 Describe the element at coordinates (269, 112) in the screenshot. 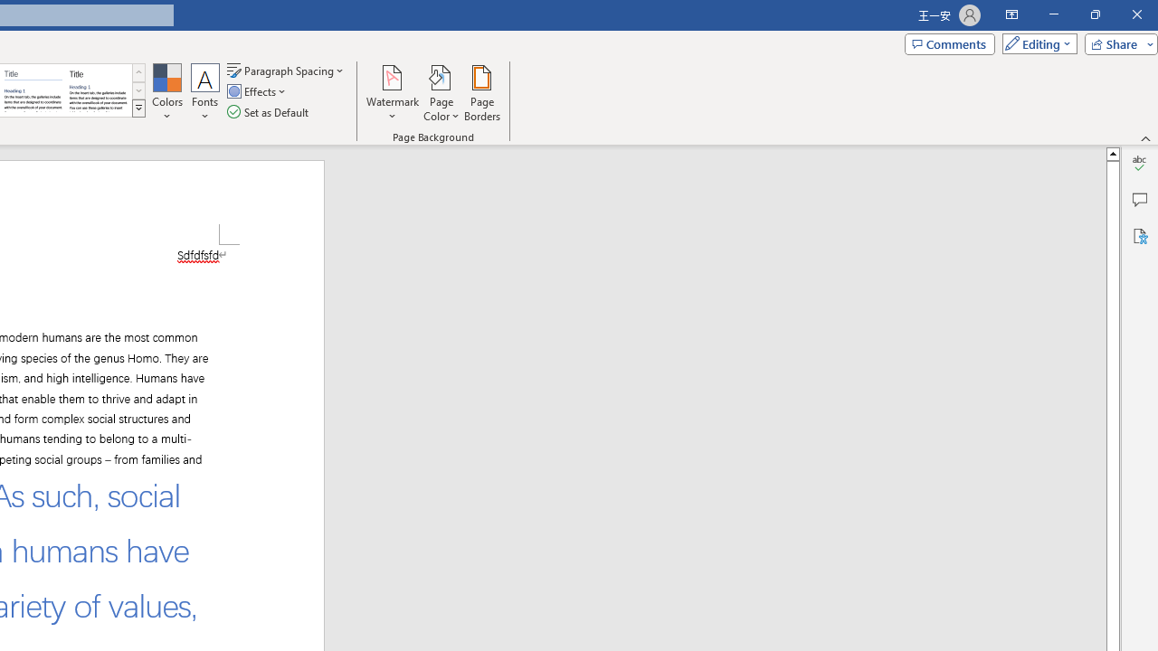

I see `'Set as Default'` at that location.